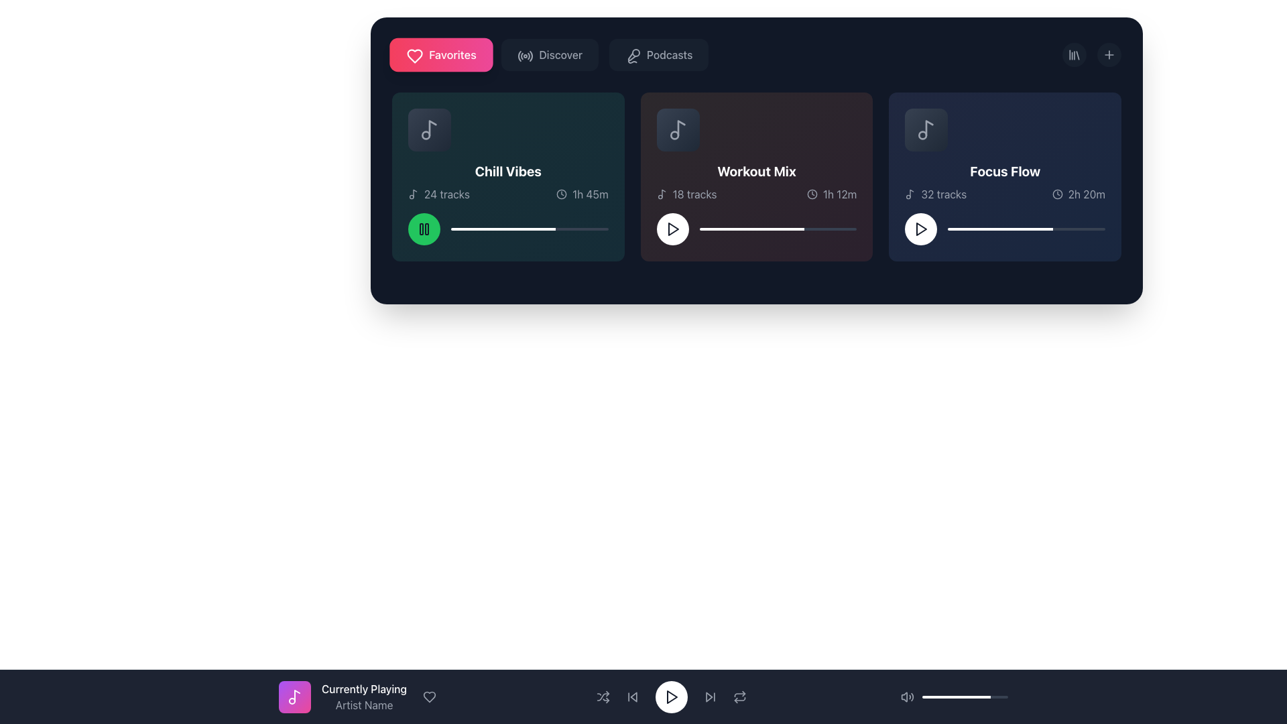  What do you see at coordinates (441, 54) in the screenshot?
I see `the leftmost button labeled 'Favorites' in the playlist section` at bounding box center [441, 54].